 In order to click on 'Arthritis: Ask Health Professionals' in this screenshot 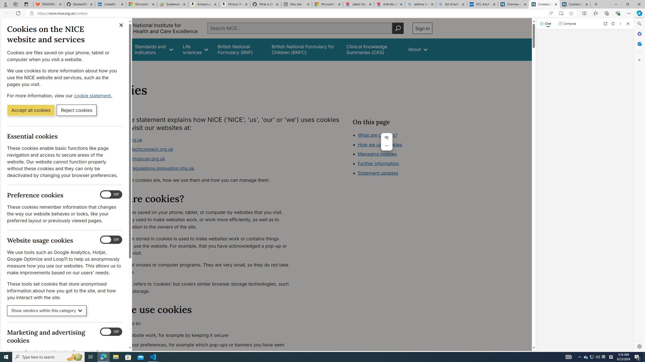, I will do `click(389, 4)`.